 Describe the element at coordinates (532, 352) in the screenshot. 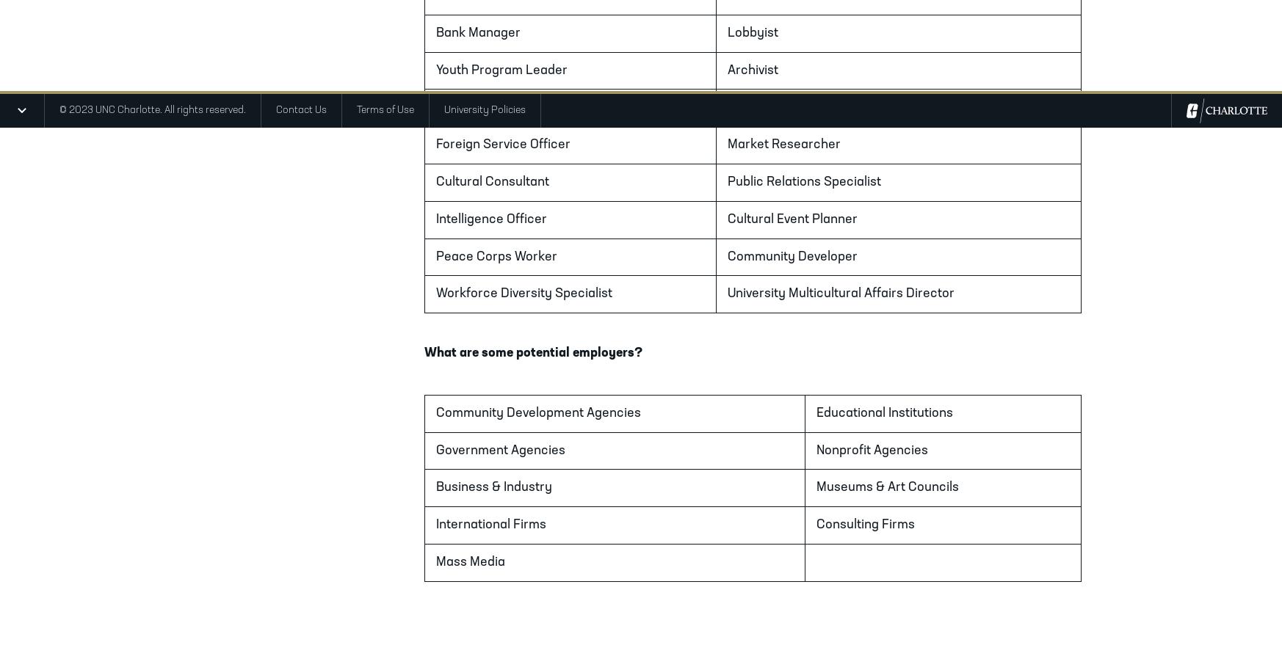

I see `'What are some potential employers?'` at that location.